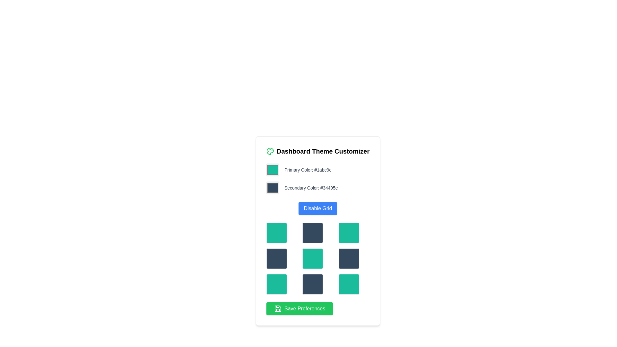  I want to click on the color picker box representing the secondary color, so click(273, 188).